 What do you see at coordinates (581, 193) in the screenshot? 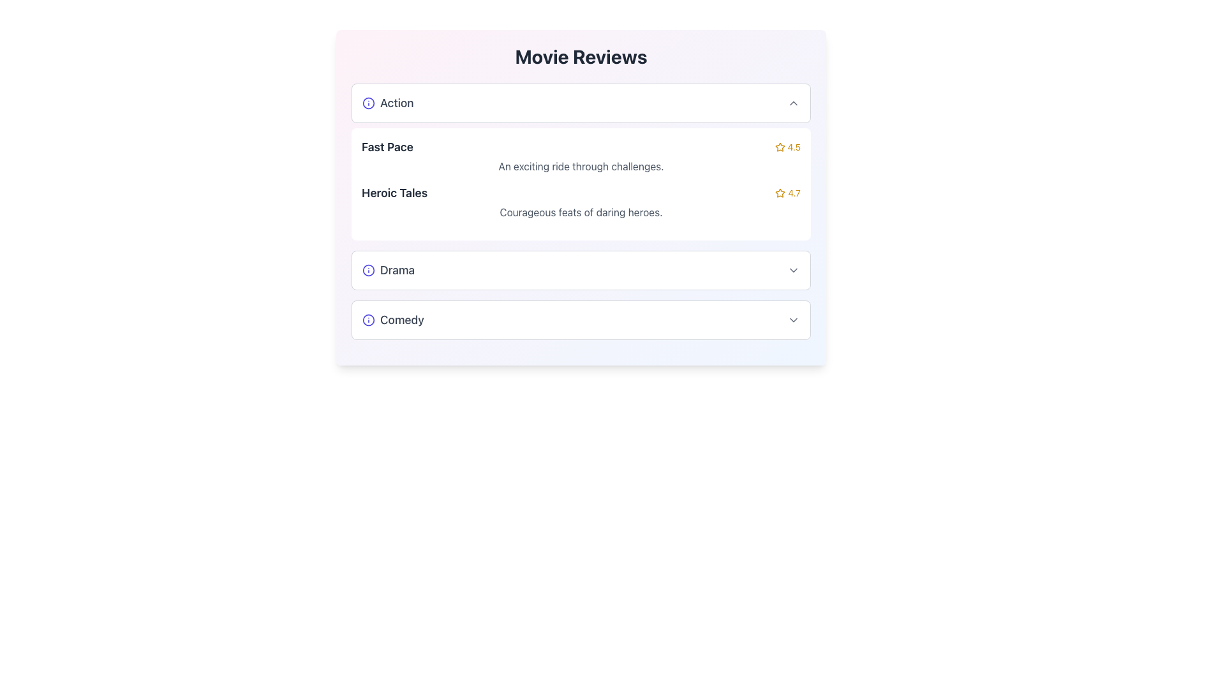
I see `the movie title label located in the 'Heroic Tales' section of the 'Movie Reviews' interface` at bounding box center [581, 193].